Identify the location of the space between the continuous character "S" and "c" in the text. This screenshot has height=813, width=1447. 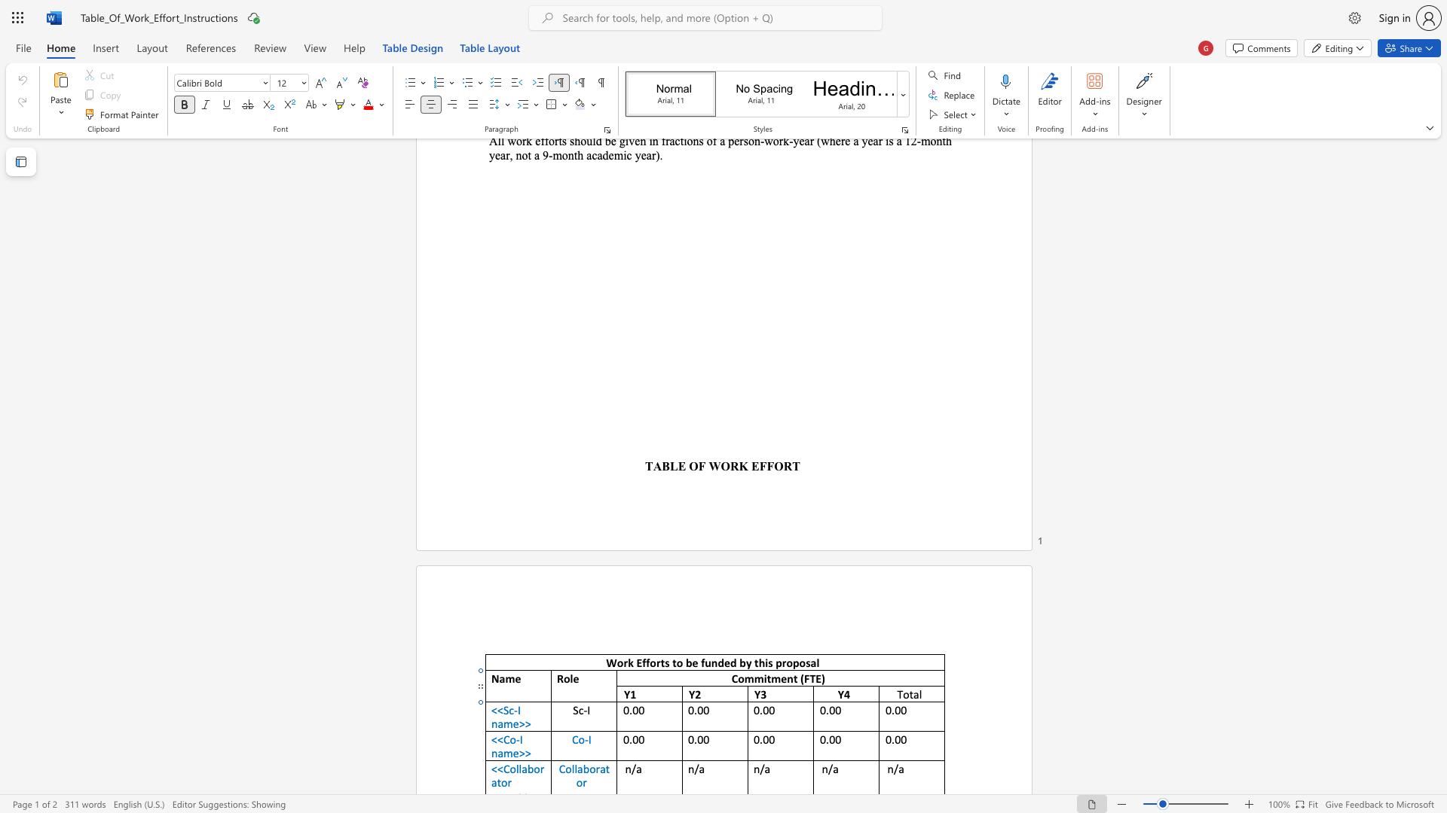
(509, 710).